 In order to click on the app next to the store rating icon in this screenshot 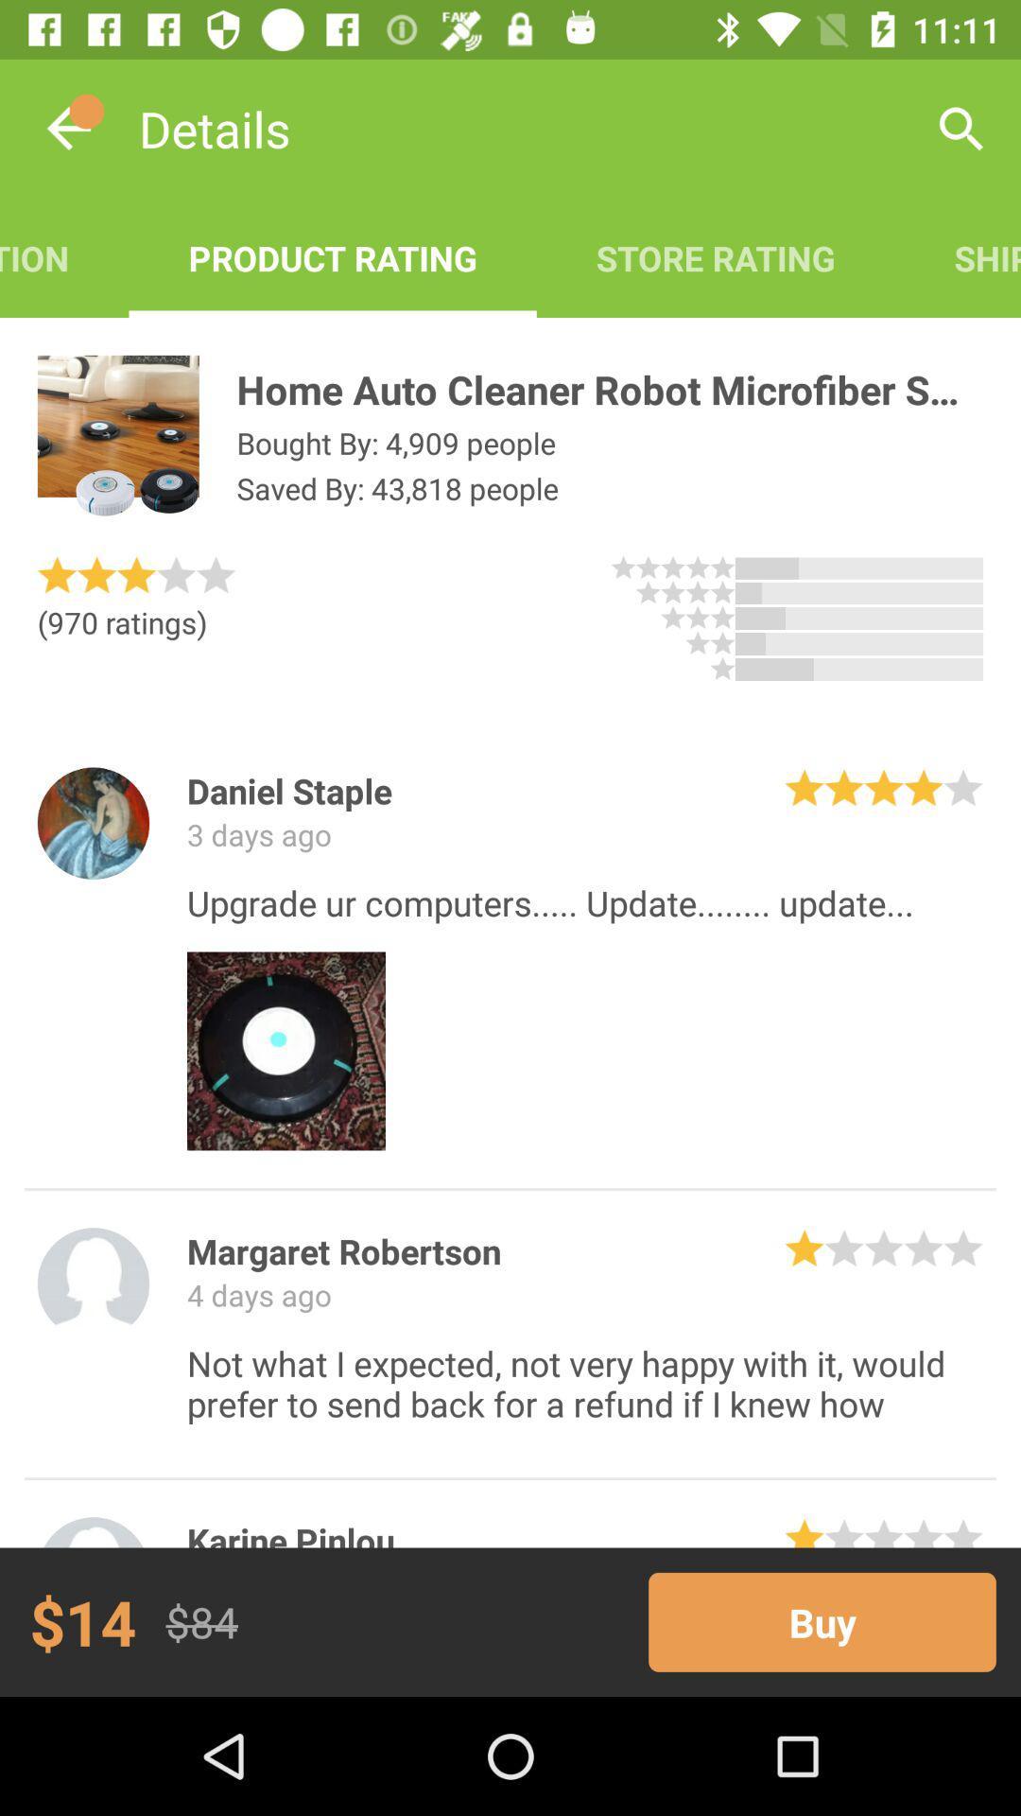, I will do `click(961, 128)`.